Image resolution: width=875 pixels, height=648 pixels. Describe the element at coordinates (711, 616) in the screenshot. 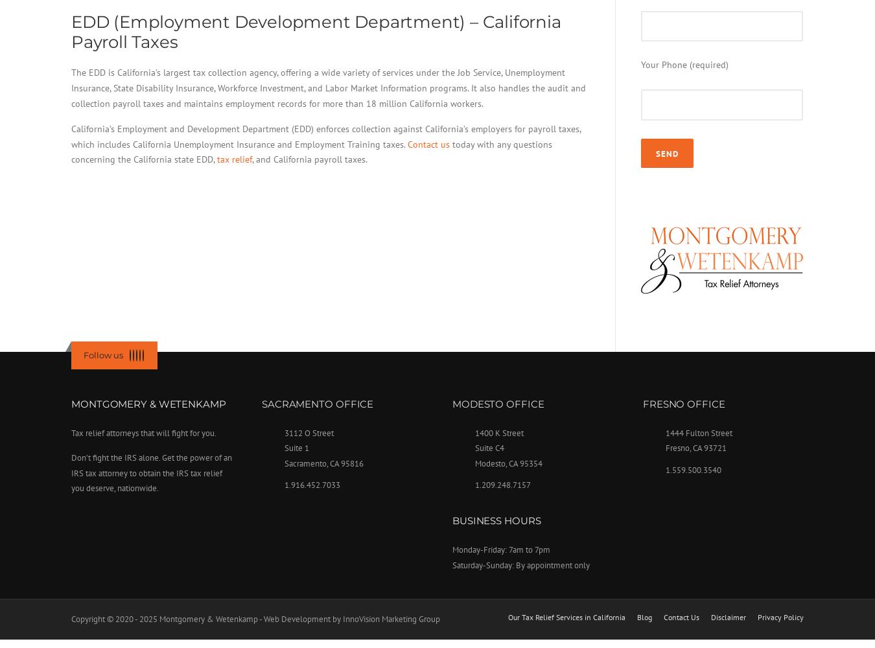

I see `'Disclaimer'` at that location.